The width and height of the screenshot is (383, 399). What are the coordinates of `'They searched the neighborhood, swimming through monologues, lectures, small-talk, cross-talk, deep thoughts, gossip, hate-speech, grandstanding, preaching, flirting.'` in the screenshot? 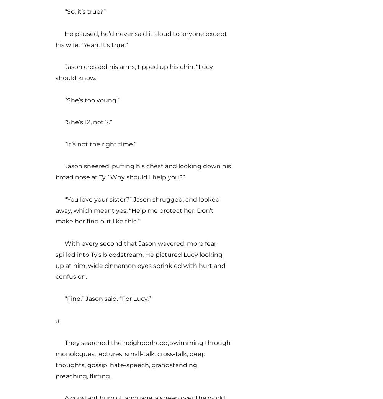 It's located at (142, 359).